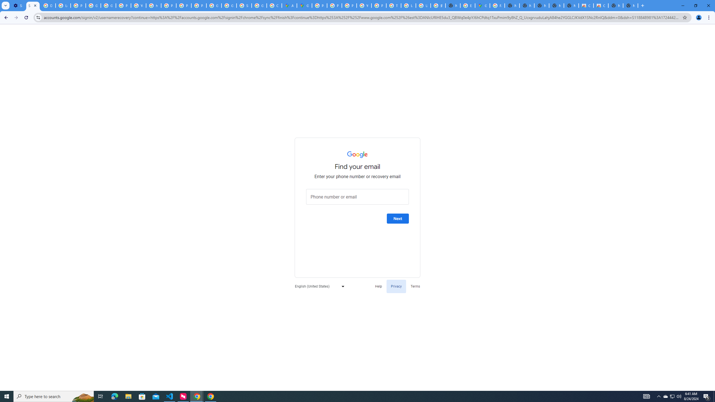 The height and width of the screenshot is (402, 715). What do you see at coordinates (630, 5) in the screenshot?
I see `'New Tab'` at bounding box center [630, 5].